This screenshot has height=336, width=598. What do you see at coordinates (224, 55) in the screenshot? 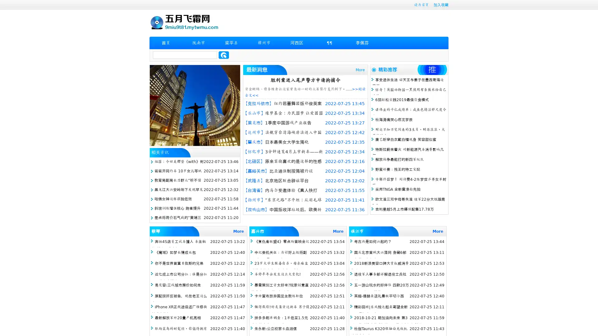
I see `Search` at bounding box center [224, 55].